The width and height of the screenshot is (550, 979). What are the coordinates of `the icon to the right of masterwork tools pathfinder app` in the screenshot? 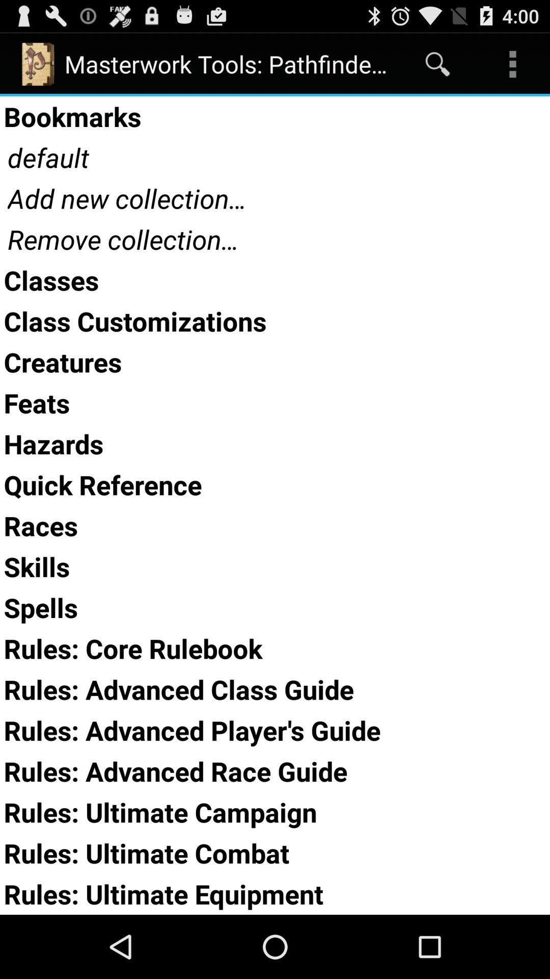 It's located at (437, 63).